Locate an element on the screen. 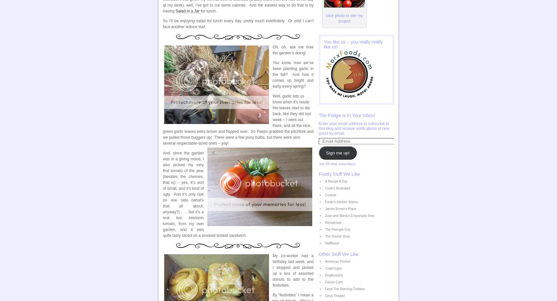 Image resolution: width=557 pixels, height=301 pixels. 'Waffleizer' is located at coordinates (332, 243).